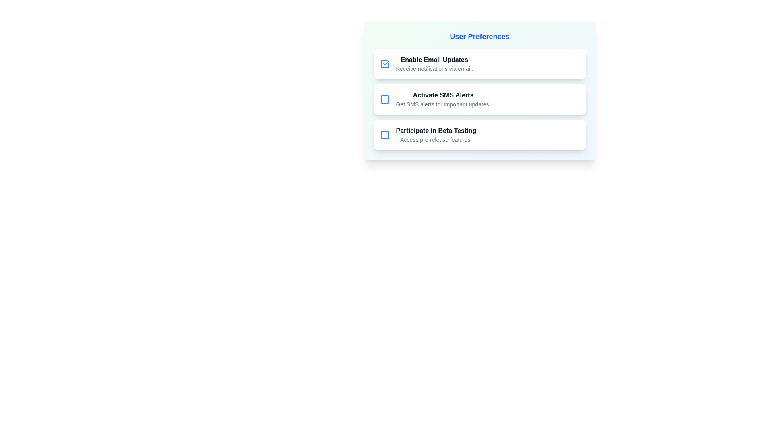 The image size is (773, 435). I want to click on the checkbox for 'Activate SMS Alerts' to confirm selection, so click(384, 99).